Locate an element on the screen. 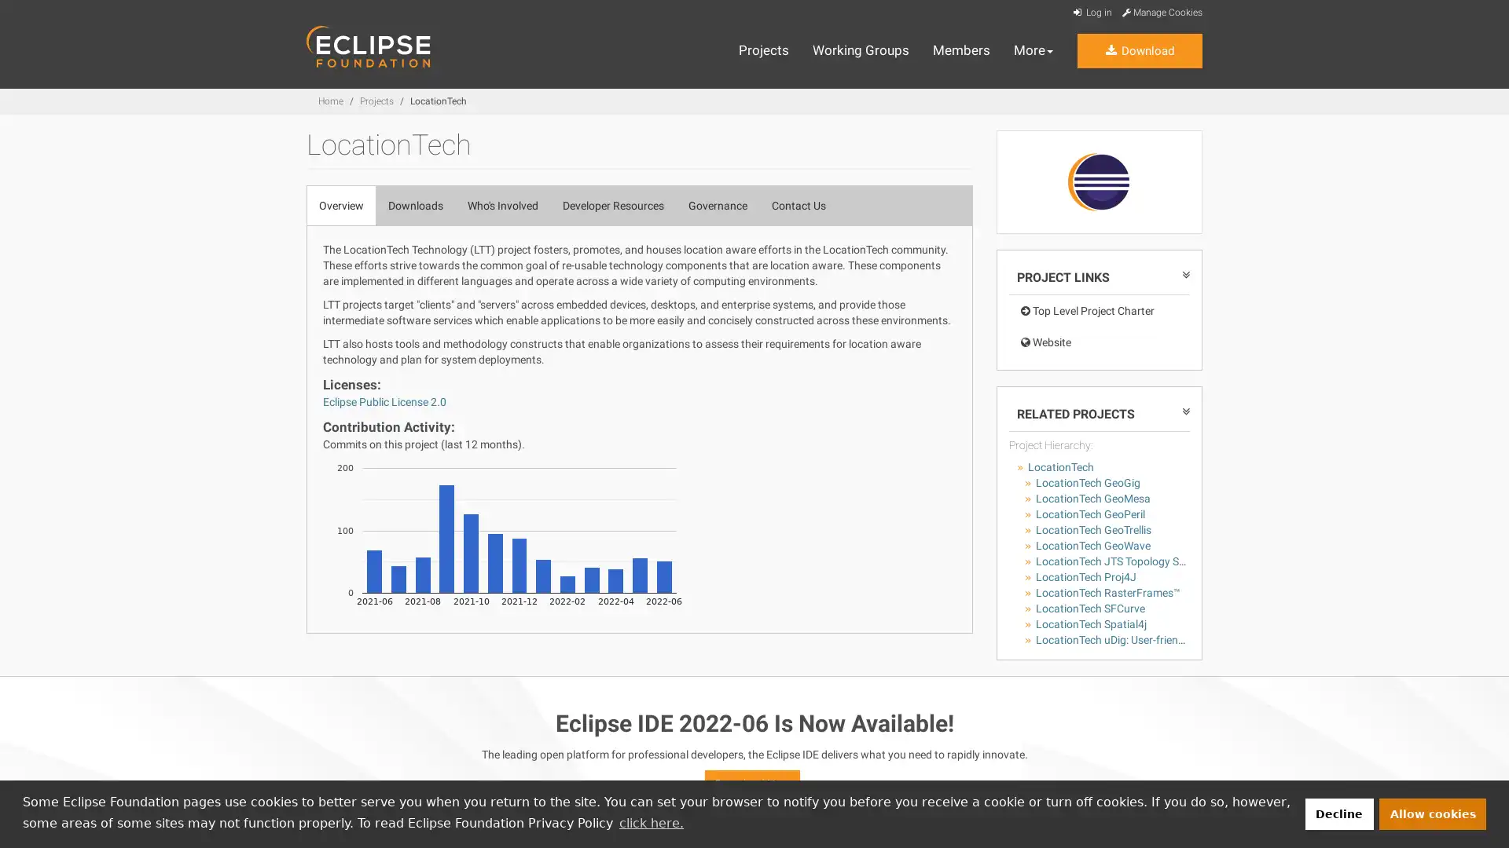  learn more about cookies is located at coordinates (651, 822).